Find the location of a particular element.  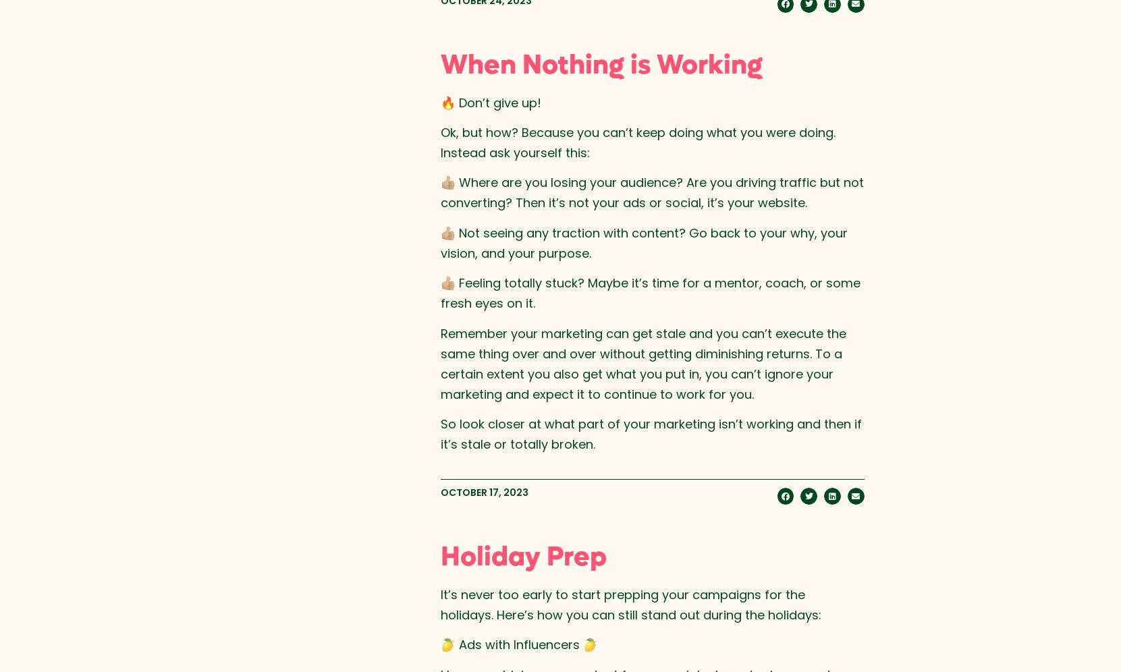

'🔥 Don’t give up!' is located at coordinates (490, 101).